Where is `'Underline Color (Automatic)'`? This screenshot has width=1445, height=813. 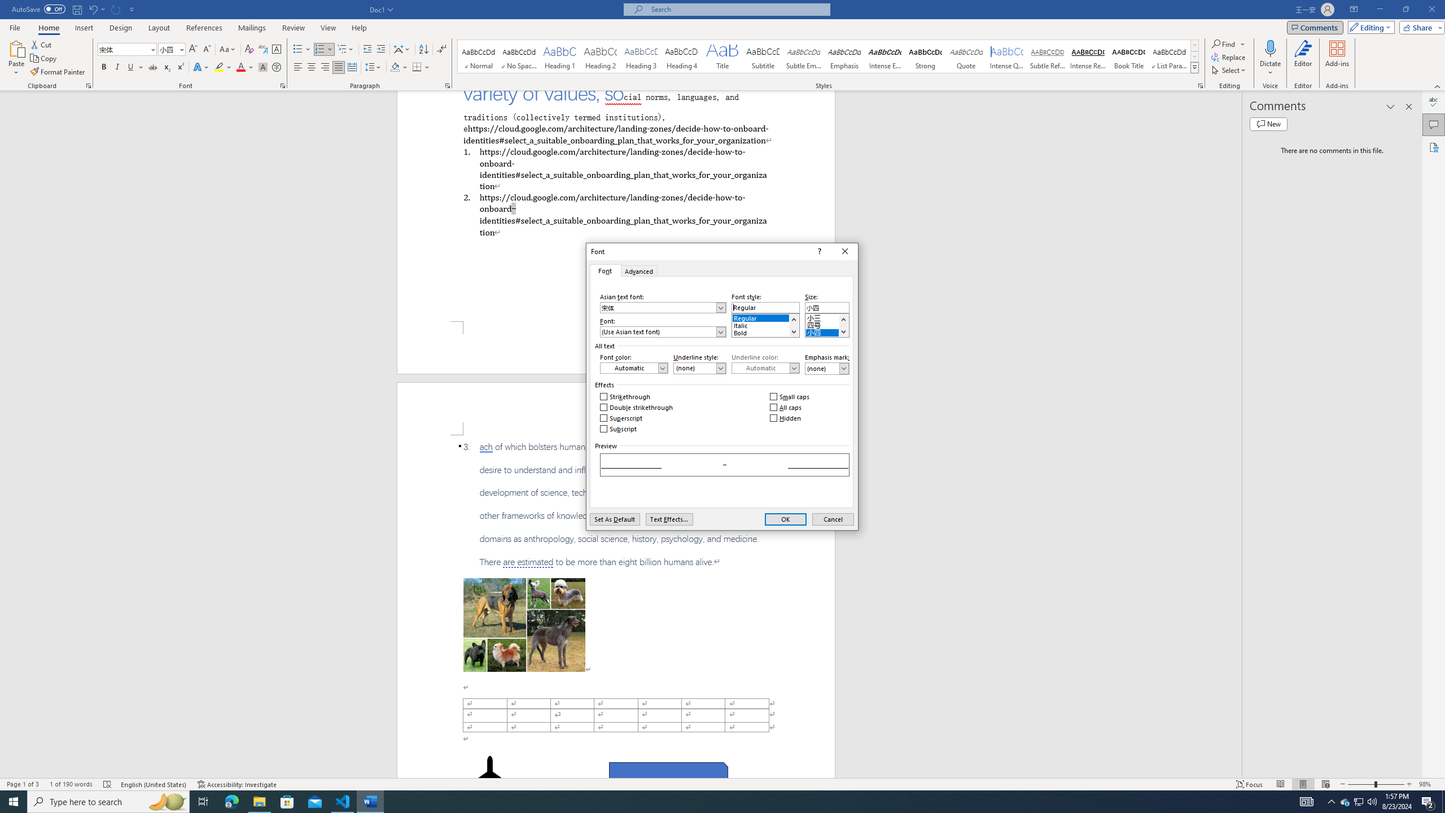
'Underline Color (Automatic)' is located at coordinates (765, 368).